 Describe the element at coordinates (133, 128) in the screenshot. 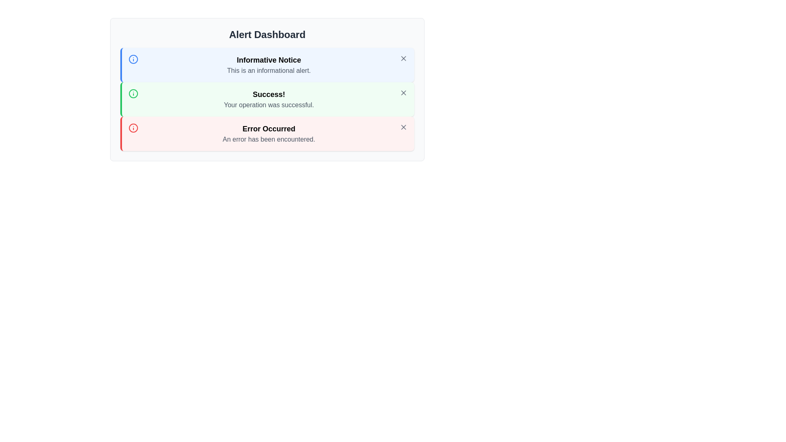

I see `the 'Error Occurred' status icon, which is located in a red, rounded rectangle at the left side of the alert box` at that location.